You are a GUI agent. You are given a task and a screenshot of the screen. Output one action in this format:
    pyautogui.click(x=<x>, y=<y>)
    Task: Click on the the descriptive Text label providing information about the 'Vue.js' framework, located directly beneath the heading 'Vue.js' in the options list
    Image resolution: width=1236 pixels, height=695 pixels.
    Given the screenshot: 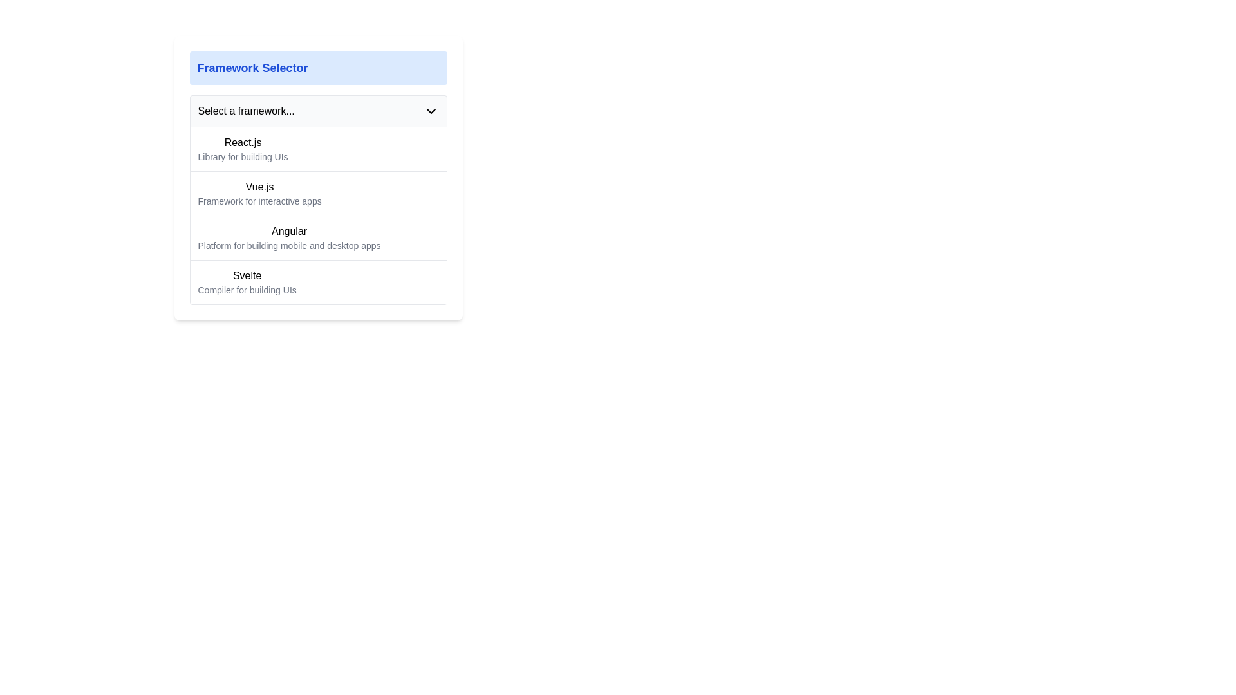 What is the action you would take?
    pyautogui.click(x=259, y=201)
    